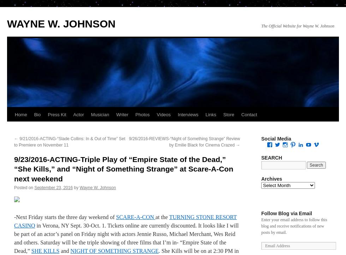 Image resolution: width=346 pixels, height=255 pixels. What do you see at coordinates (184, 142) in the screenshot?
I see `'9/26/2016-REVIEWS-“Night of Something Strange” Review by Emilie Black for Cinema Crazed'` at bounding box center [184, 142].